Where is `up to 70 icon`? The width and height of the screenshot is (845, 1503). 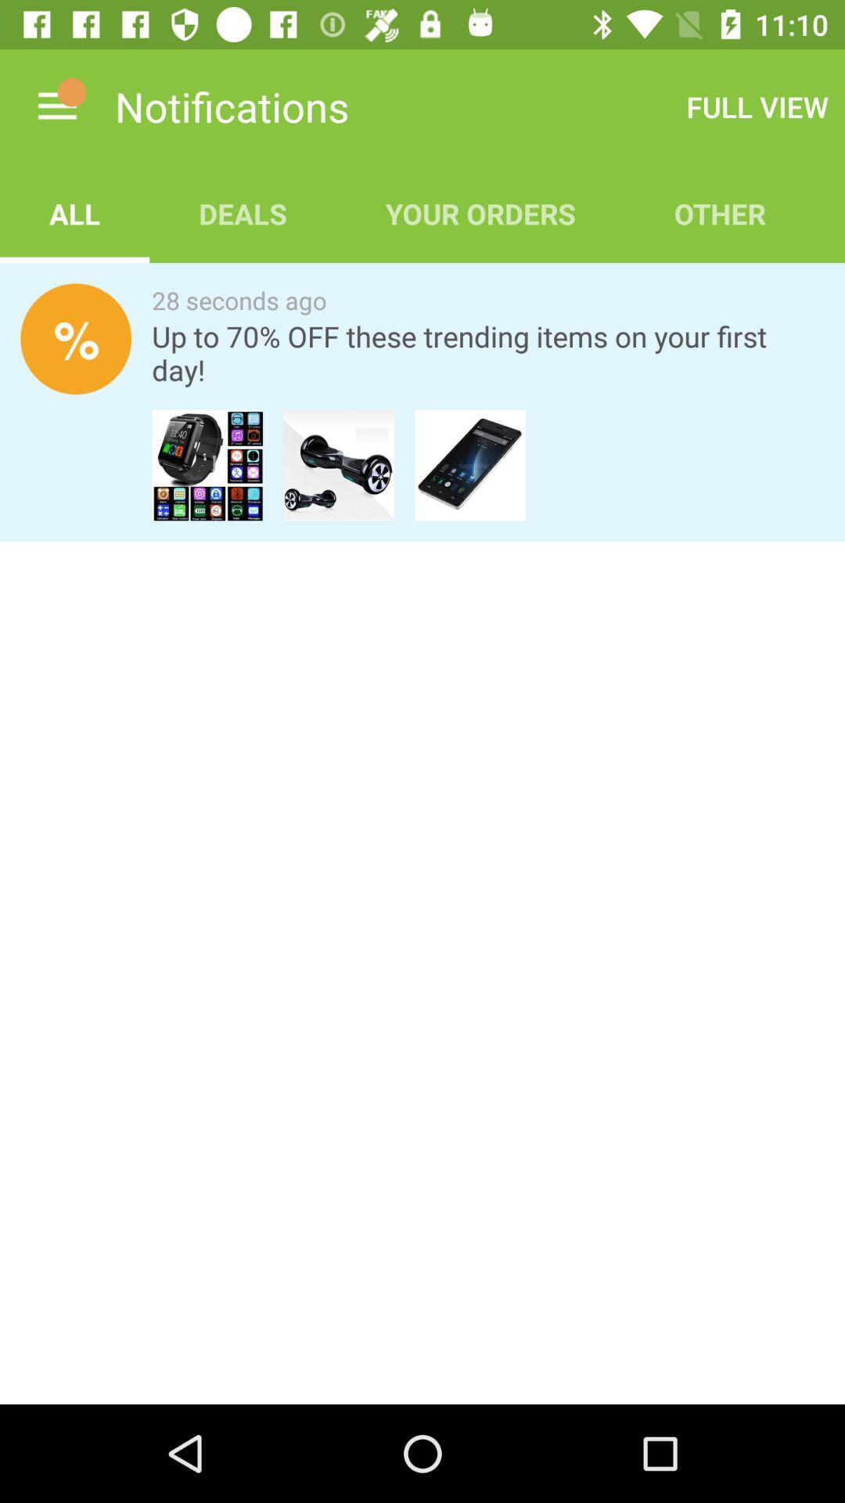
up to 70 icon is located at coordinates (487, 352).